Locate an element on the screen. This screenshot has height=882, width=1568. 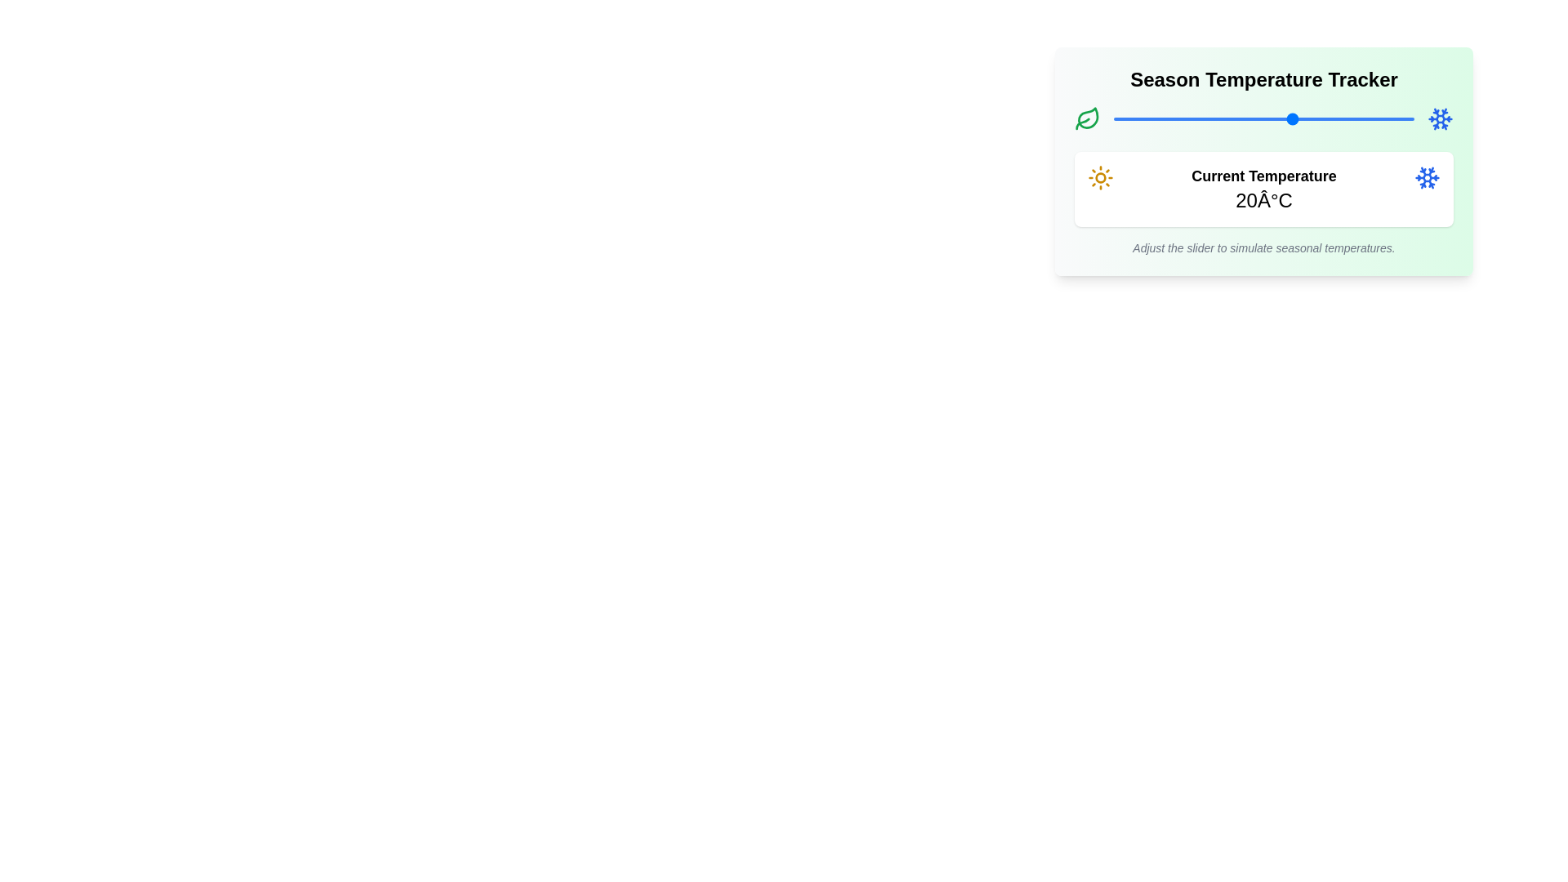
the slider to set the temperature to 38°C is located at coordinates (1401, 118).